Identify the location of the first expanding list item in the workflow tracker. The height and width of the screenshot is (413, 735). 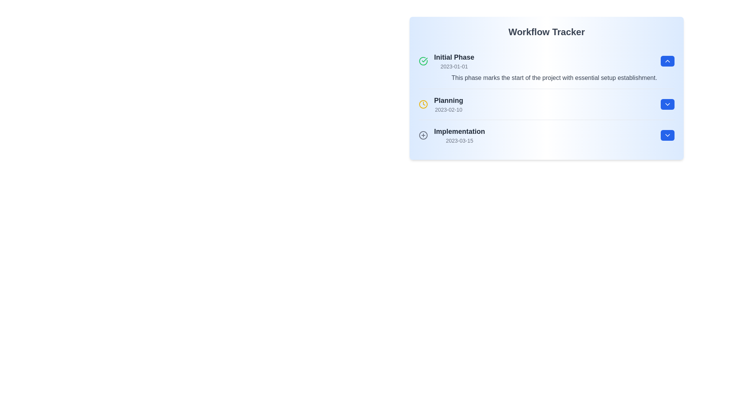
(546, 67).